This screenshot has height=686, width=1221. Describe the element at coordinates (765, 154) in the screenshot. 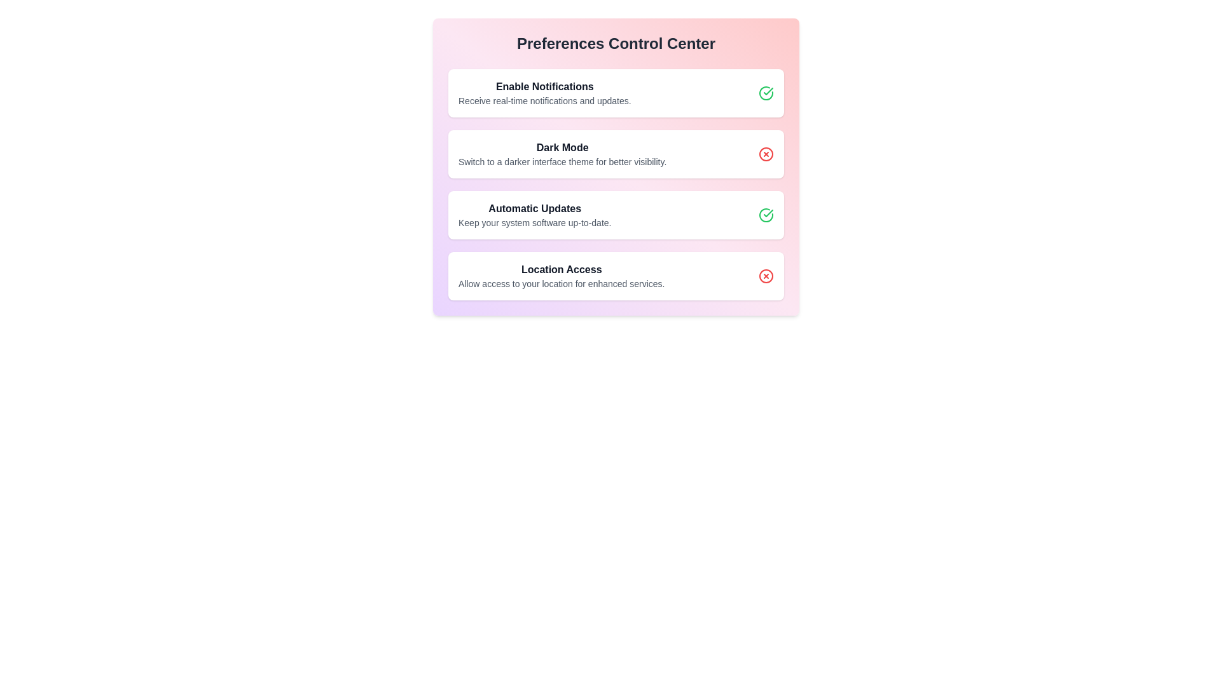

I see `the interactive indicator button located near the top-right corner of the 'Dark Mode' section in the 'Preferences Control Center' panel` at that location.